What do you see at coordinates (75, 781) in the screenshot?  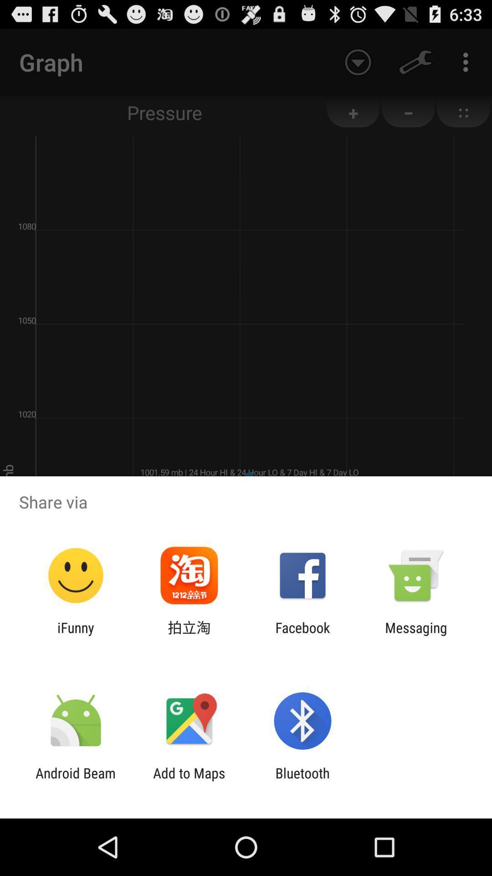 I see `app to the left of add to maps` at bounding box center [75, 781].